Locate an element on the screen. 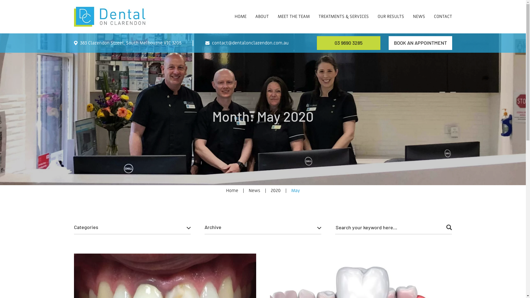  'News' is located at coordinates (248, 190).